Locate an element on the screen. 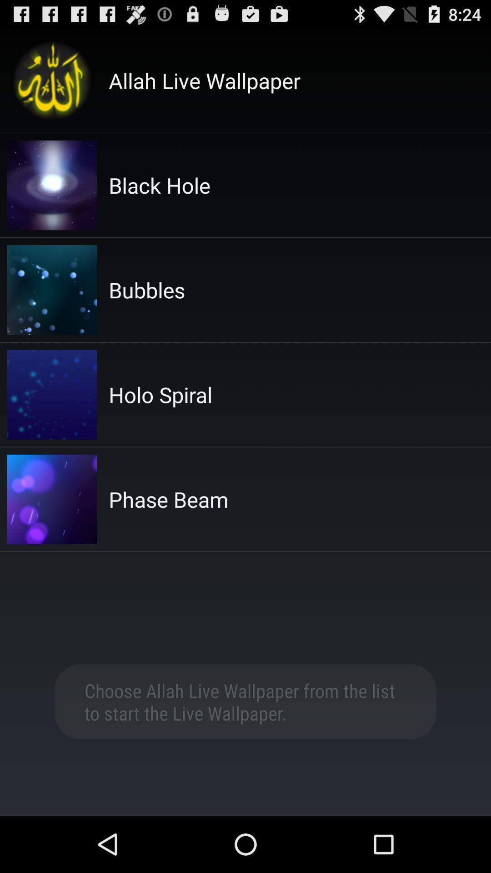 The height and width of the screenshot is (873, 491). the bubbles is located at coordinates (146, 289).